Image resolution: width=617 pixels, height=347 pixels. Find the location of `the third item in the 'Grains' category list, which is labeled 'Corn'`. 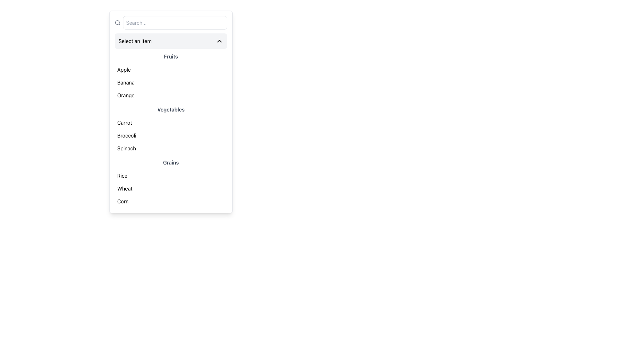

the third item in the 'Grains' category list, which is labeled 'Corn' is located at coordinates (171, 201).